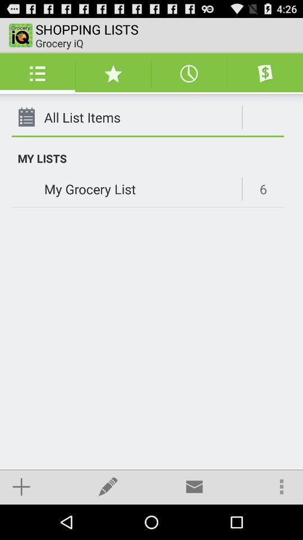 This screenshot has height=540, width=303. What do you see at coordinates (194, 486) in the screenshot?
I see `the item below my grocery list` at bounding box center [194, 486].